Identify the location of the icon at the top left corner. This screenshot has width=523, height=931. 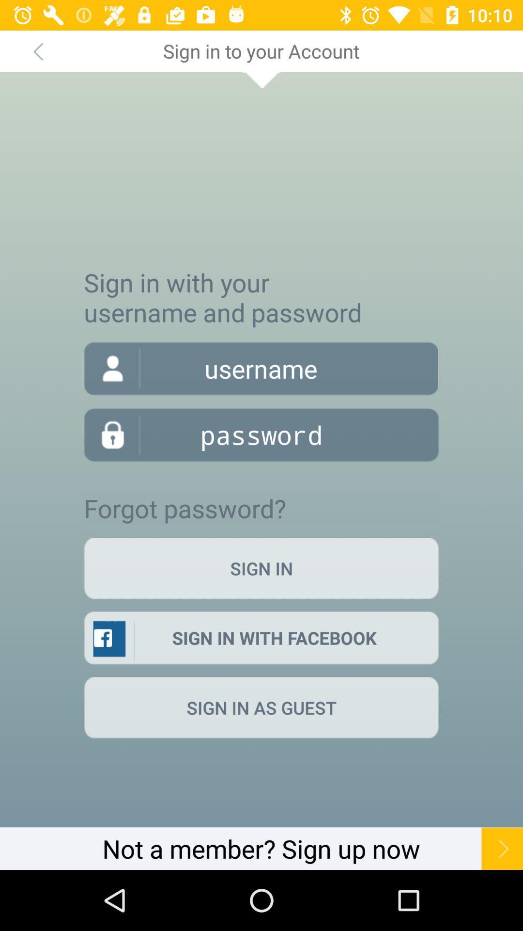
(37, 50).